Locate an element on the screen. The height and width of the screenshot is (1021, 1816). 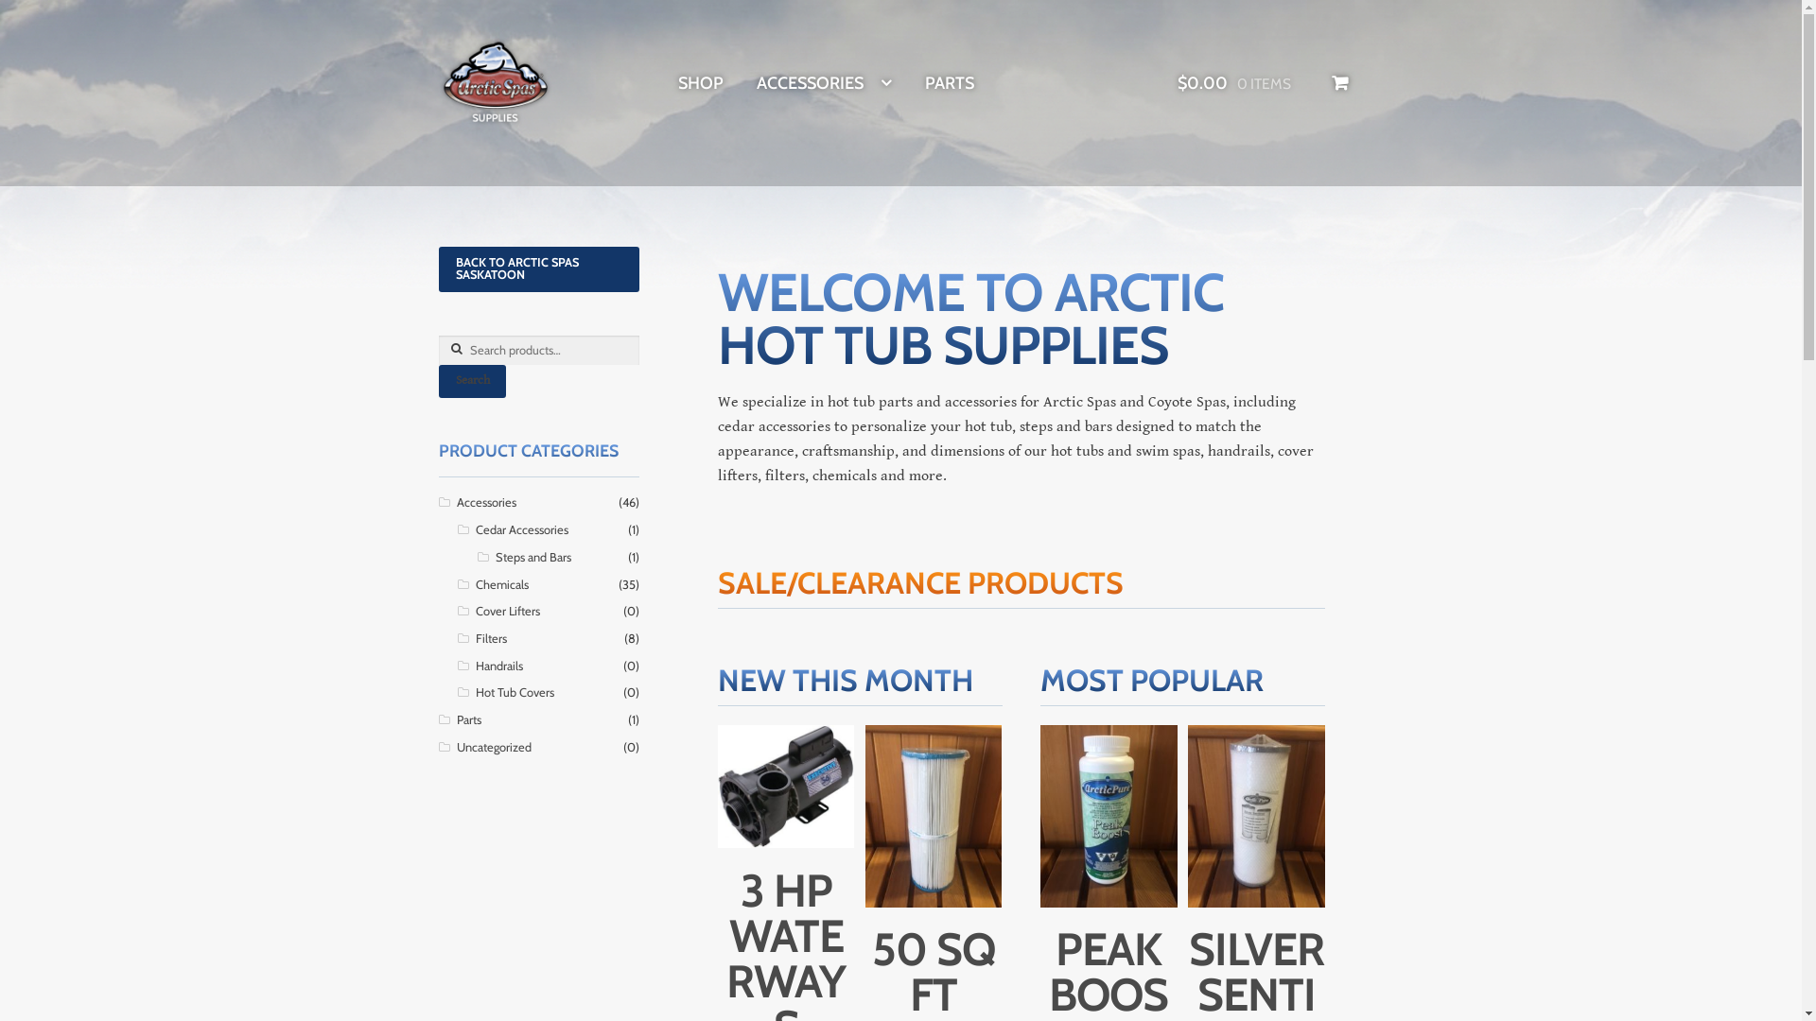
'Handrails' is located at coordinates (499, 665).